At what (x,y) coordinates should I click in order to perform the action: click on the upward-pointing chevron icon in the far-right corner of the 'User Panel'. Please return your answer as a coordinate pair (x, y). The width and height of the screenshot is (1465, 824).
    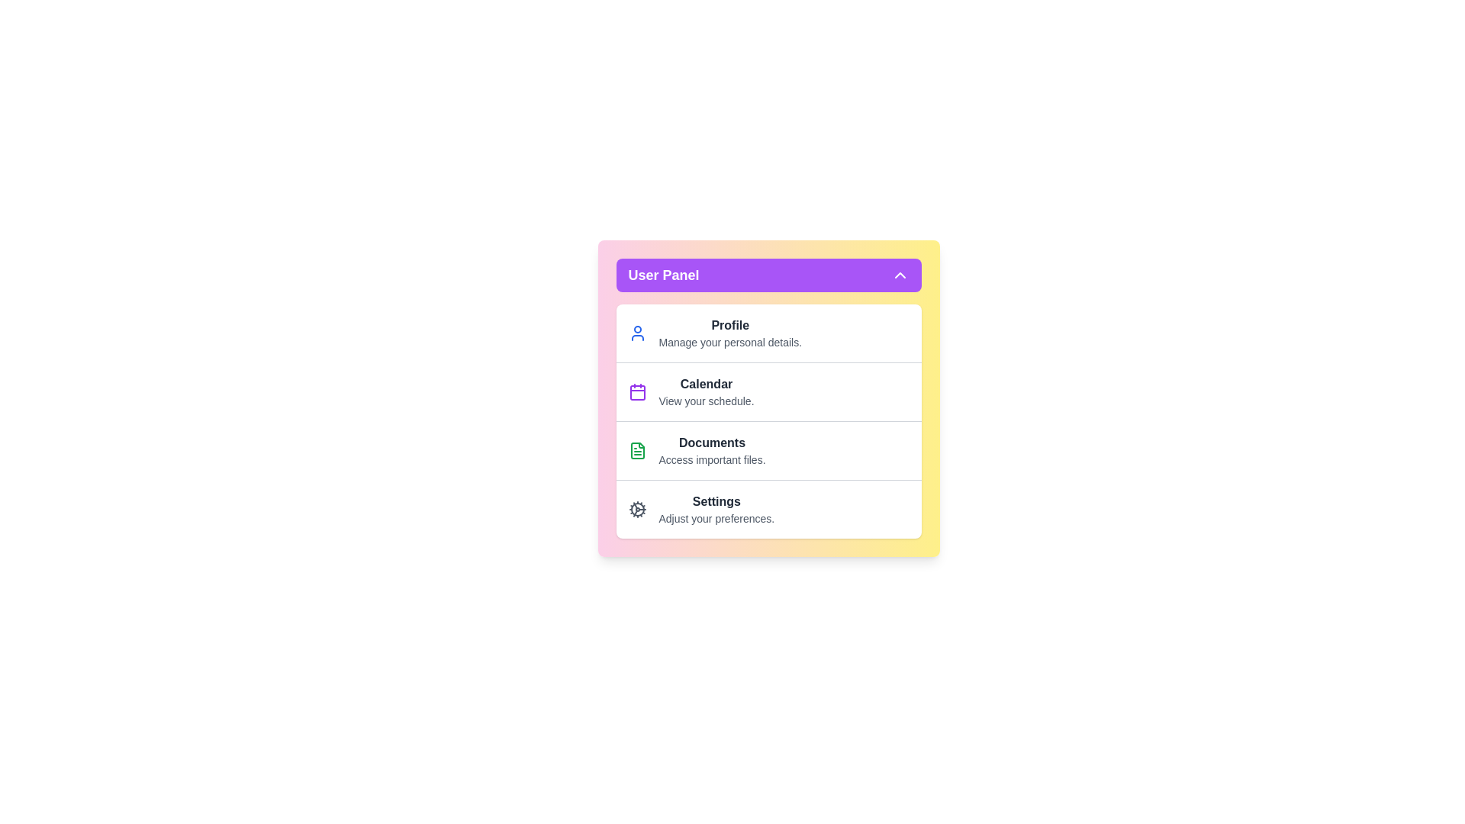
    Looking at the image, I should click on (900, 275).